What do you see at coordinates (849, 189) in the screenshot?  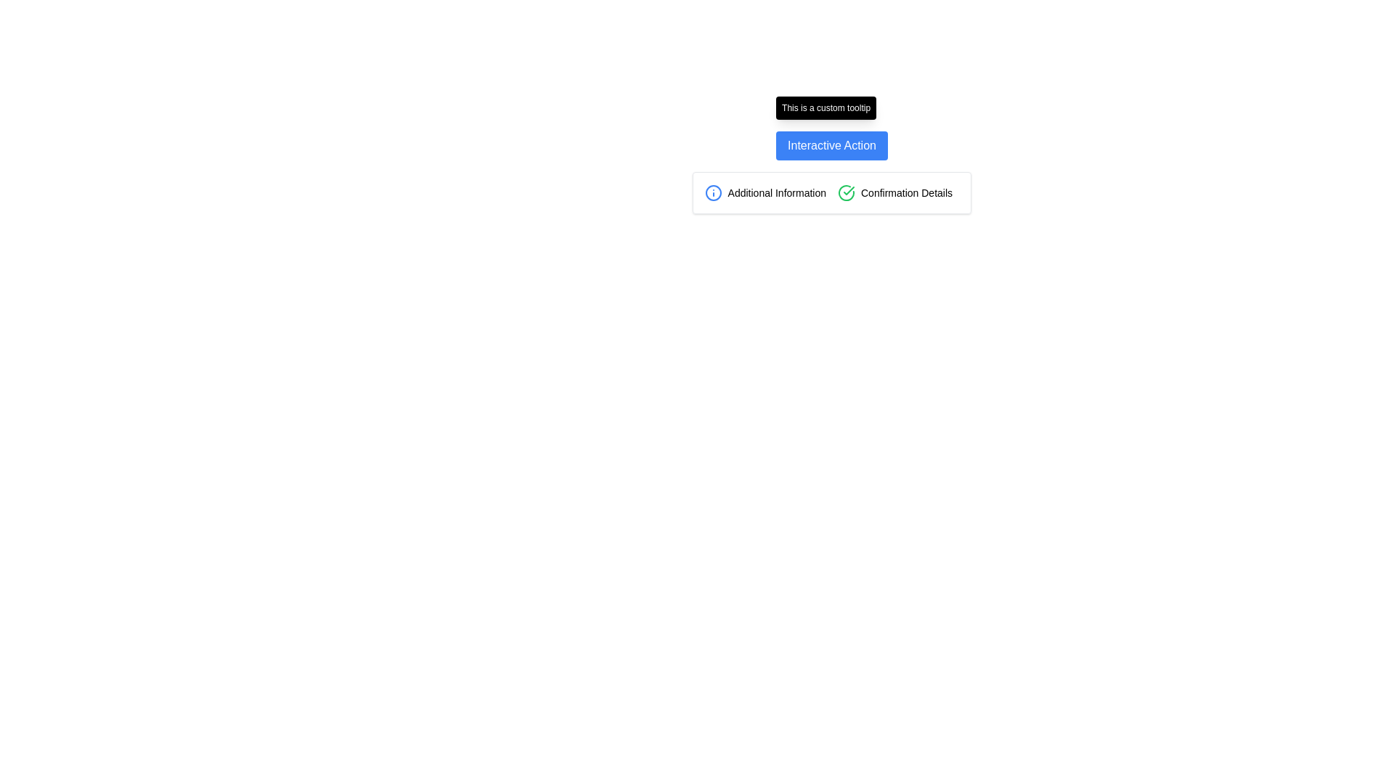 I see `the state of the green checkmark icon located within a circular icon, positioned to the right of the 'Confirmation Details' text and adjacent to a blue information icon, below the 'Interactive Action' button` at bounding box center [849, 189].